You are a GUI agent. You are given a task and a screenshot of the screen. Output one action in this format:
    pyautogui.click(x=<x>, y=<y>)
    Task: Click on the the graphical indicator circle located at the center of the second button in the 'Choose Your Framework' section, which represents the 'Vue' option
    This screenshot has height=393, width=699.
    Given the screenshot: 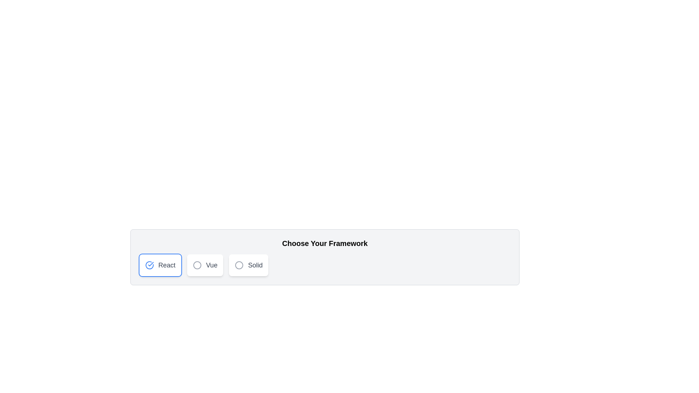 What is the action you would take?
    pyautogui.click(x=197, y=265)
    